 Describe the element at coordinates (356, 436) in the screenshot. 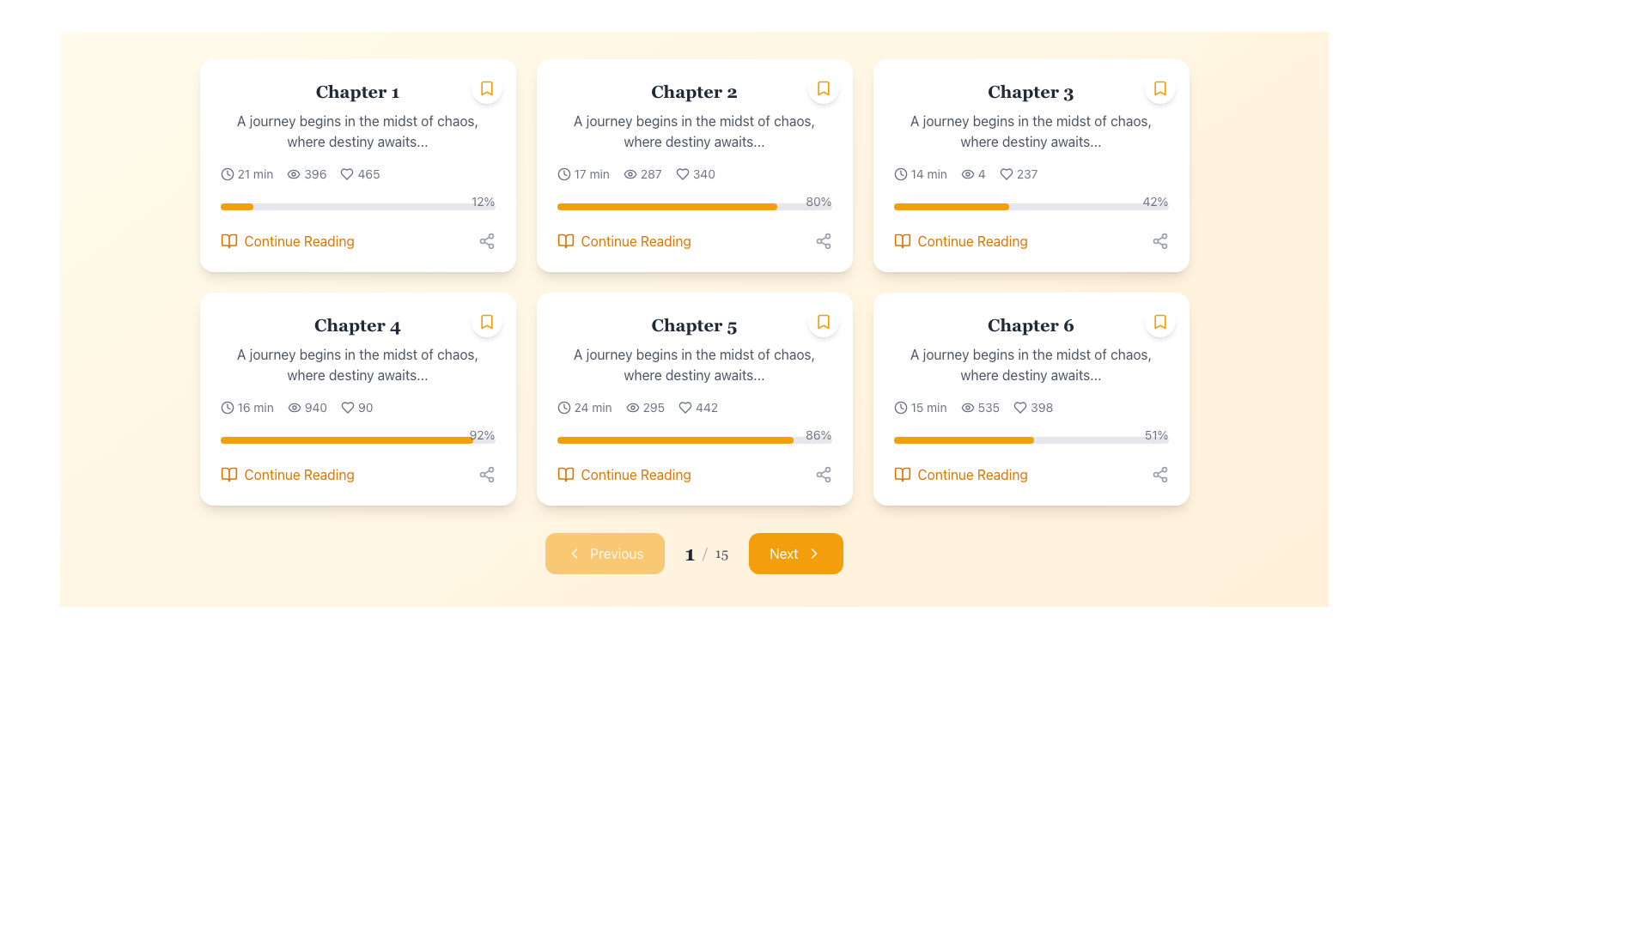

I see `the numerical percentage of the Progress bar representing the user's reading progress for Chapter 4, located within the card labeled 'Chapter 4'` at that location.